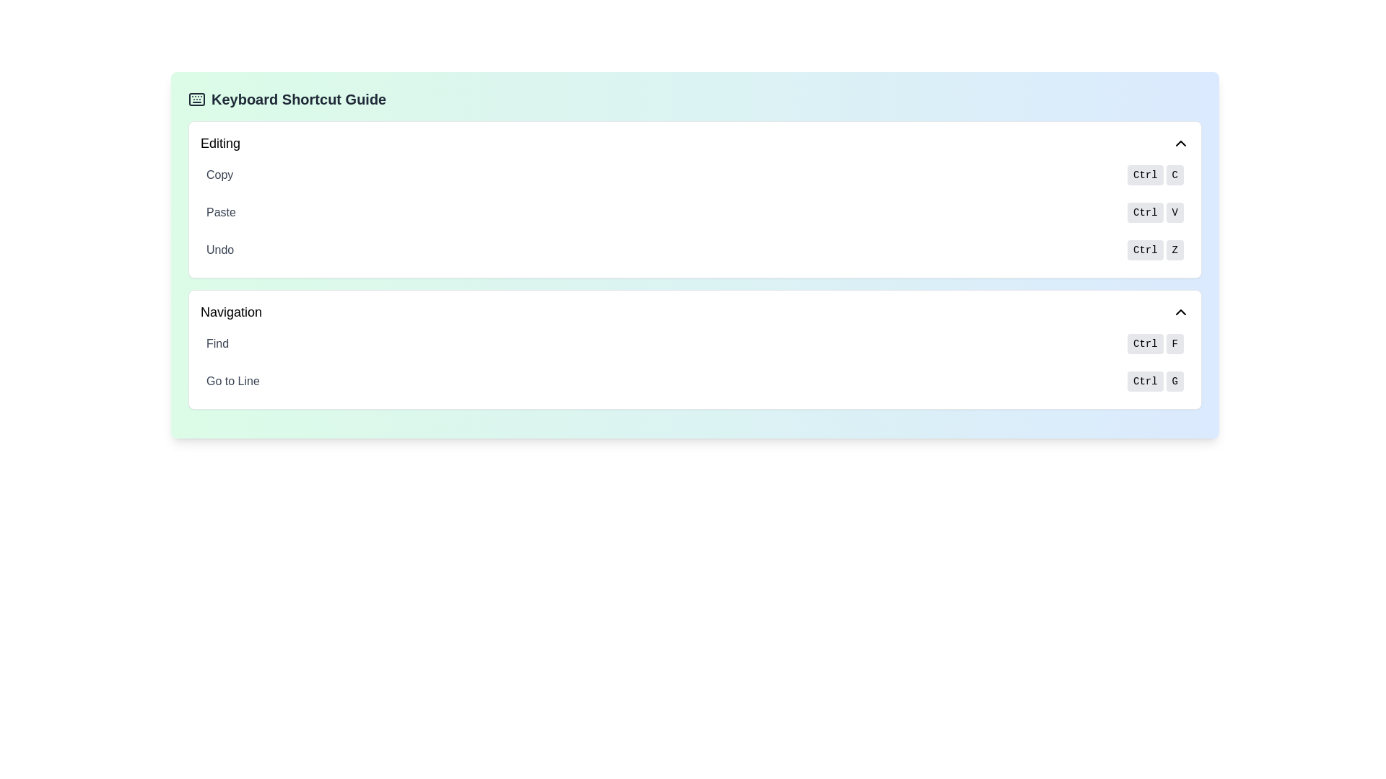  What do you see at coordinates (1155, 250) in the screenshot?
I see `the 'Ctrl' button of the Keyboard Shortcut Display Indicator for the 'Undo' action in the 'Editing' category` at bounding box center [1155, 250].